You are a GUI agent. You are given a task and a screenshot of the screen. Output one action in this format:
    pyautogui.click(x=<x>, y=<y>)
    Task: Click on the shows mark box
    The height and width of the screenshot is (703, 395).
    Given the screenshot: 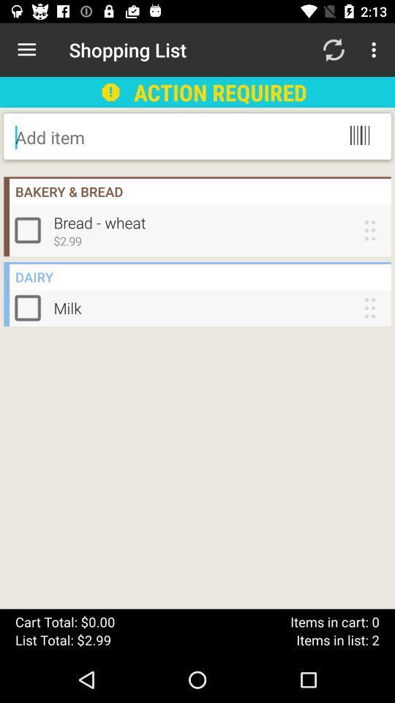 What is the action you would take?
    pyautogui.click(x=31, y=307)
    